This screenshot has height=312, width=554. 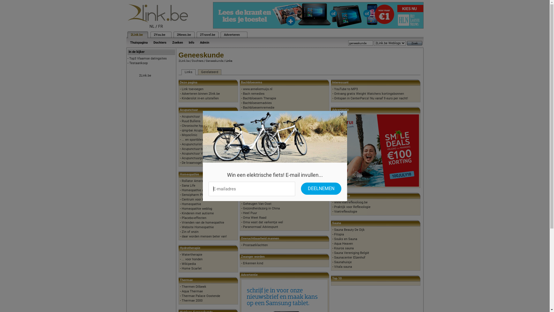 I want to click on 'Geheugen Van Oost', so click(x=257, y=203).